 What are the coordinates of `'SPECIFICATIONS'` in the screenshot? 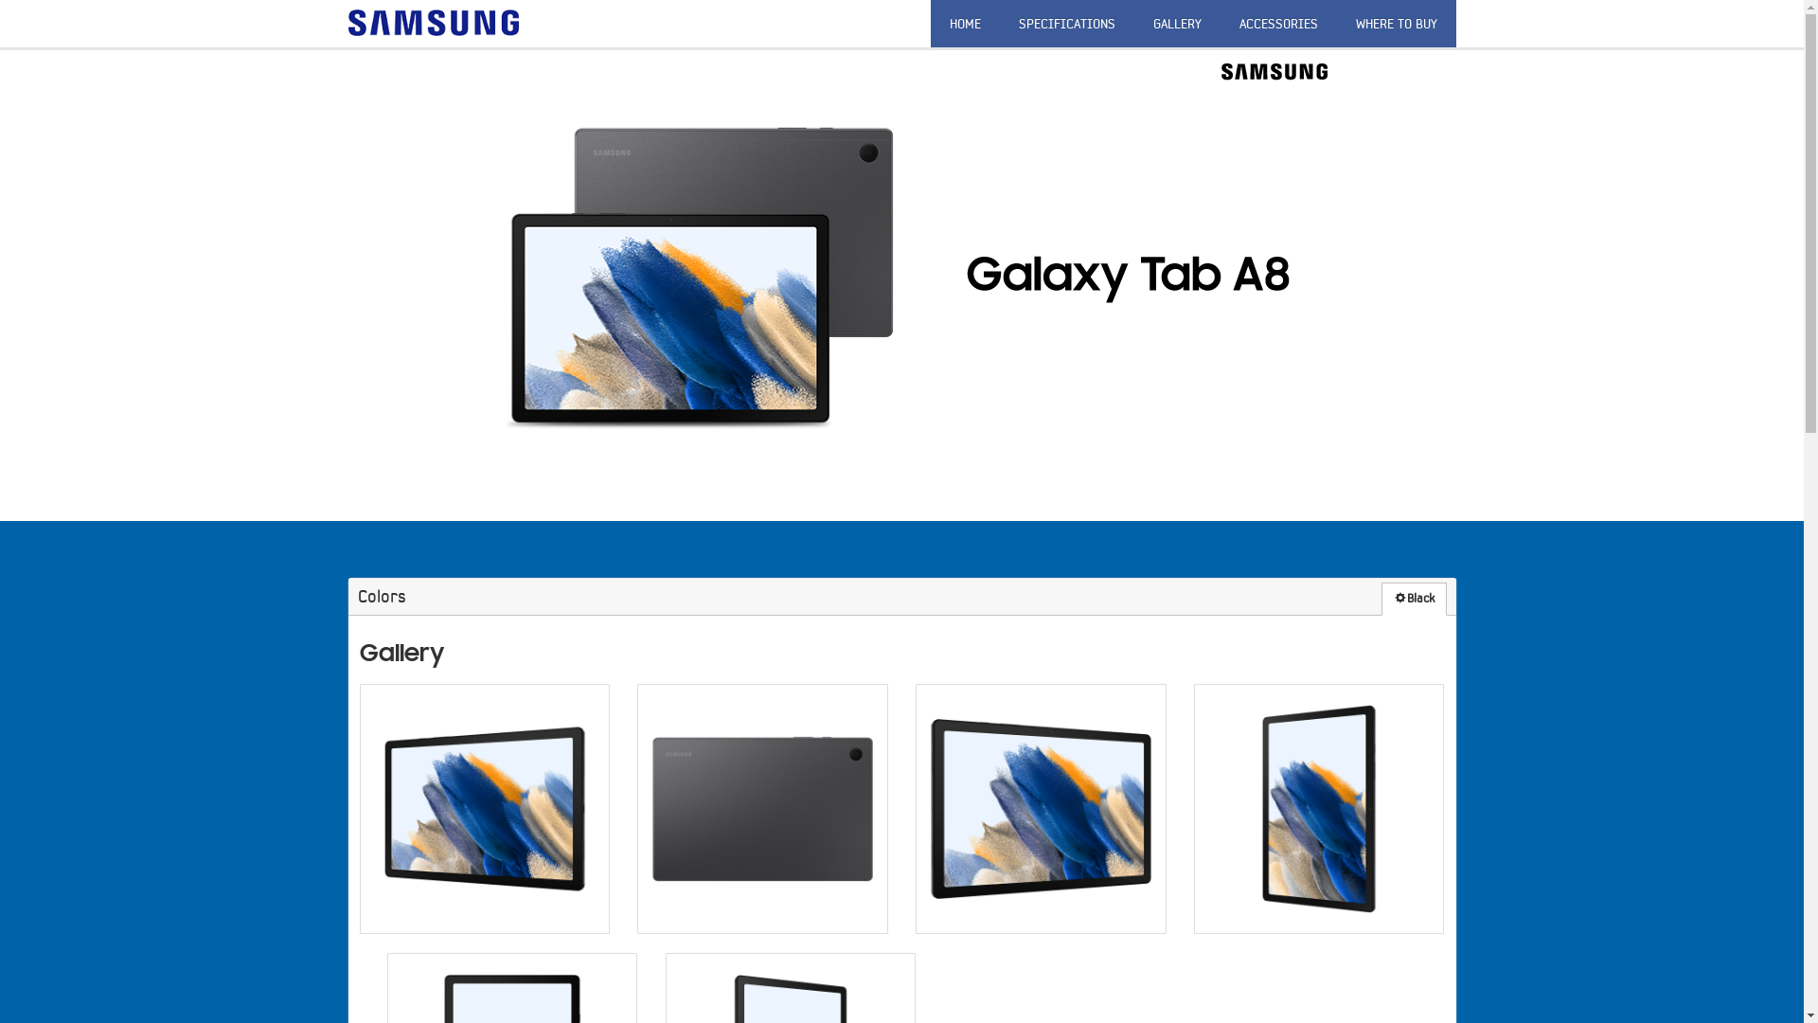 It's located at (999, 23).